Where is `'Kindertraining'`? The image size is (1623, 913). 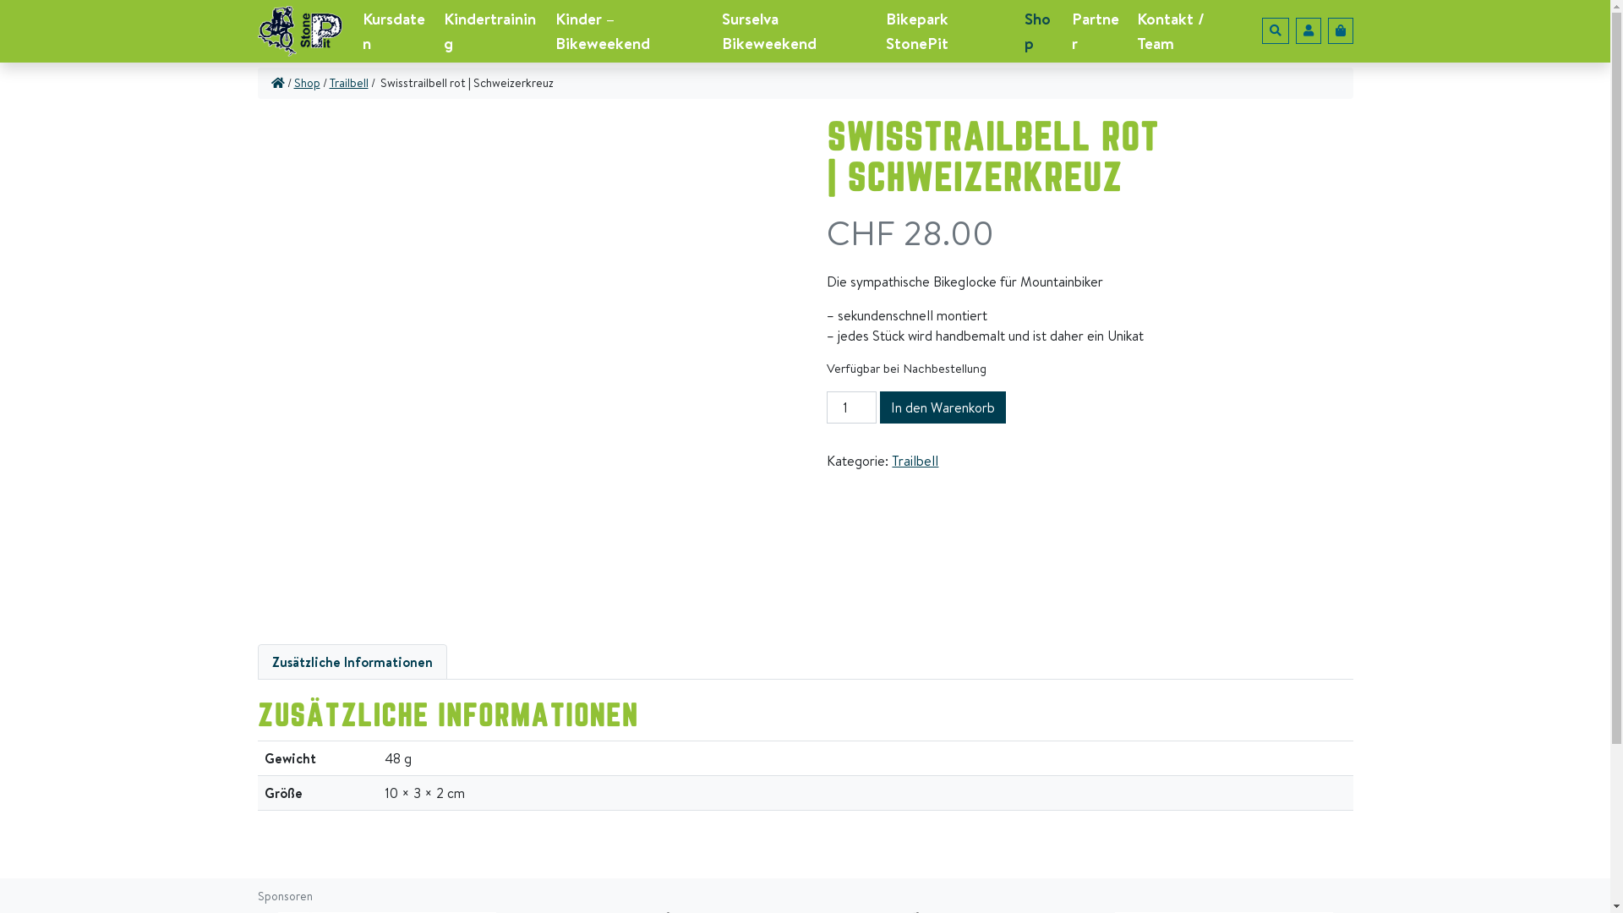
'Kindertraining' is located at coordinates (491, 31).